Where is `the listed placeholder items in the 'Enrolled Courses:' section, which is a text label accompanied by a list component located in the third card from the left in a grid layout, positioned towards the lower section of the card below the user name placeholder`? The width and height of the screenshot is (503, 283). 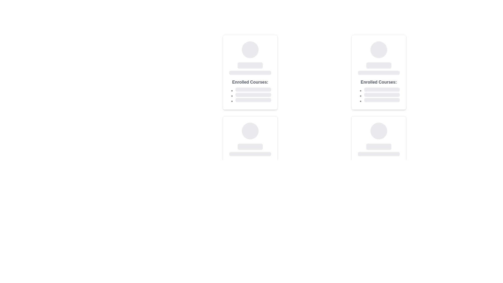 the listed placeholder items in the 'Enrolled Courses:' section, which is a text label accompanied by a list component located in the third card from the left in a grid layout, positioned towards the lower section of the card below the user name placeholder is located at coordinates (379, 90).